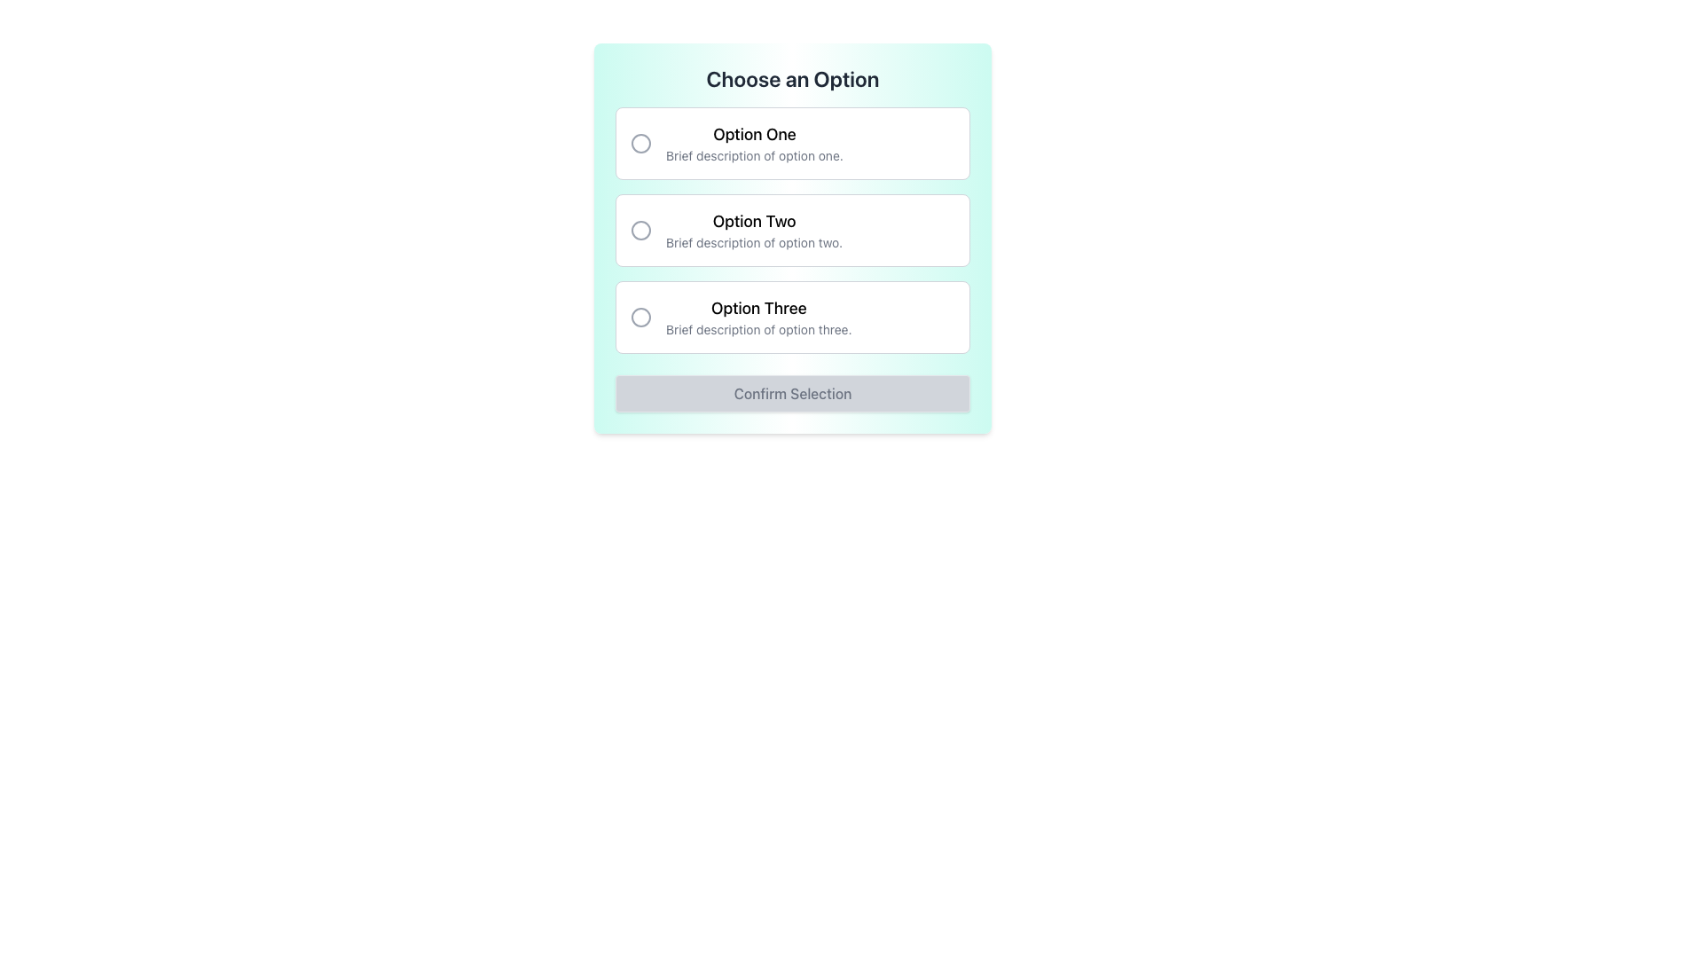  I want to click on the main label for the second selectable option, so click(754, 221).